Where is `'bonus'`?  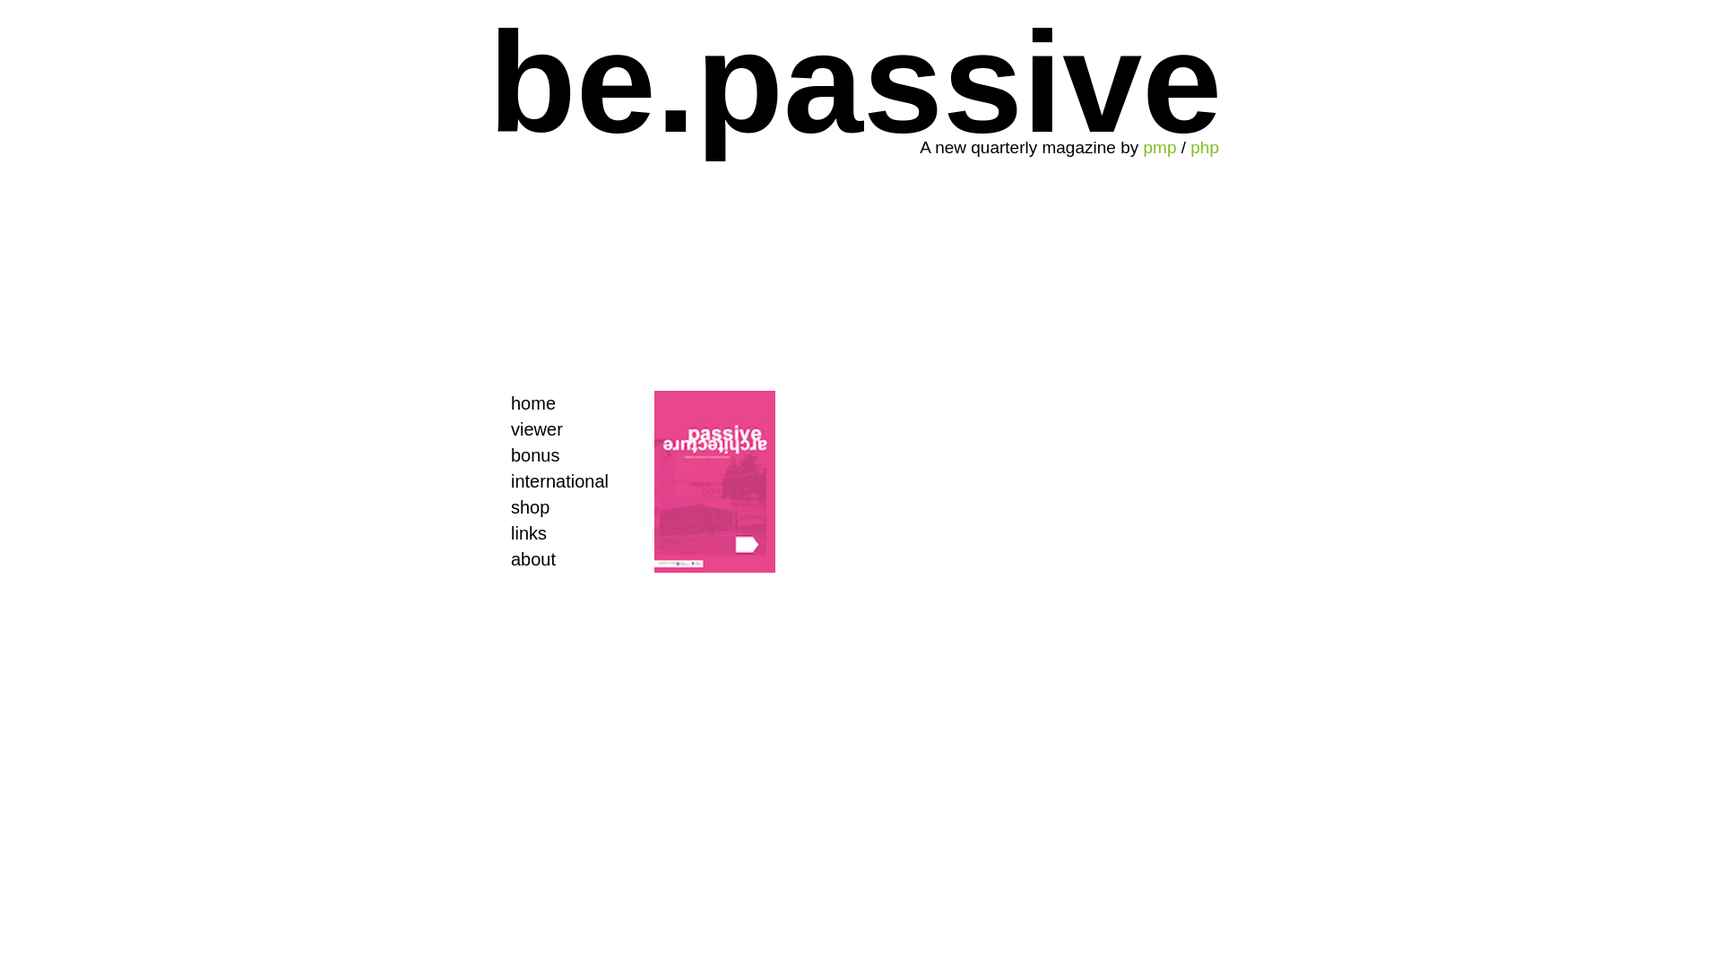 'bonus' is located at coordinates (489, 454).